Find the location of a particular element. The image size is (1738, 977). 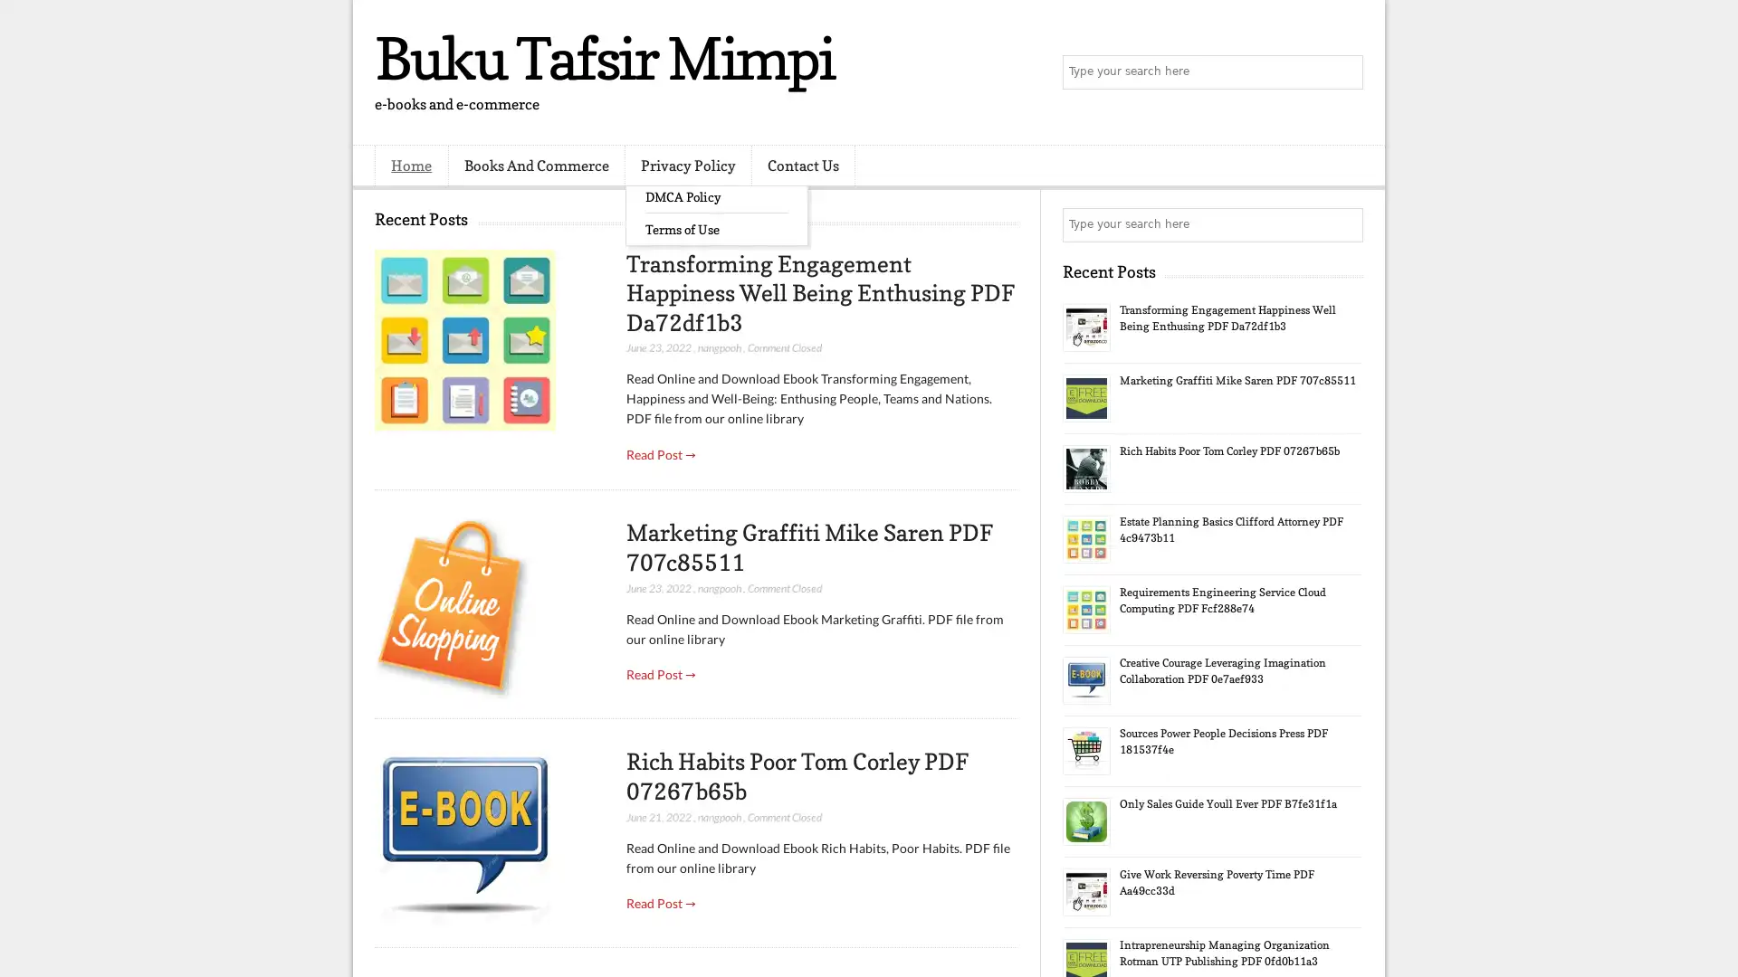

Search is located at coordinates (1344, 224).